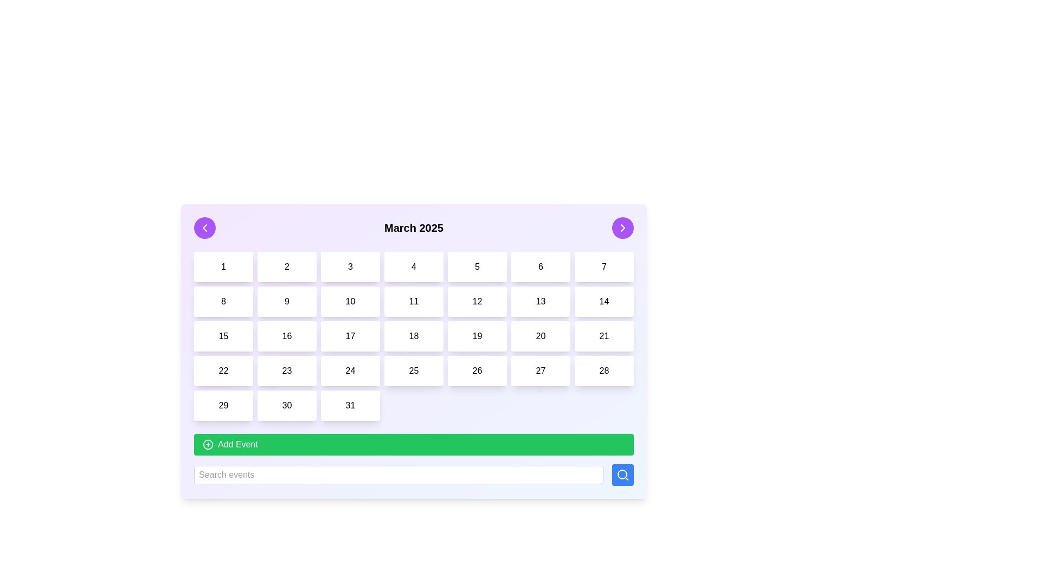 The image size is (1041, 585). Describe the element at coordinates (541, 267) in the screenshot. I see `the calendar date cell displaying the number '6' located in the first row of a 7-column grid layout` at that location.